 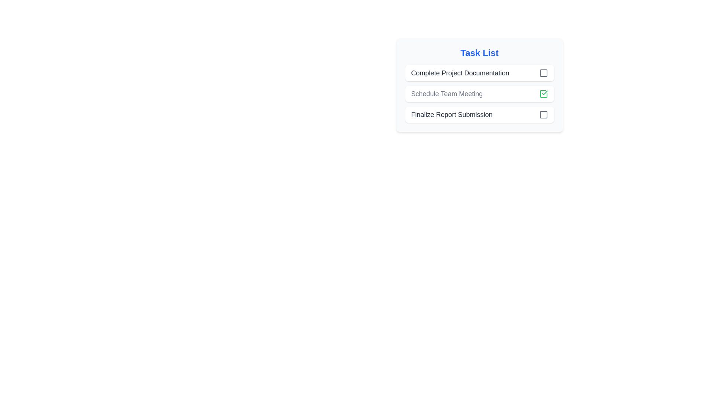 What do you see at coordinates (543, 94) in the screenshot?
I see `the green checkmark icon in the task list indicating completion for 'Schedule Team Meeting'` at bounding box center [543, 94].